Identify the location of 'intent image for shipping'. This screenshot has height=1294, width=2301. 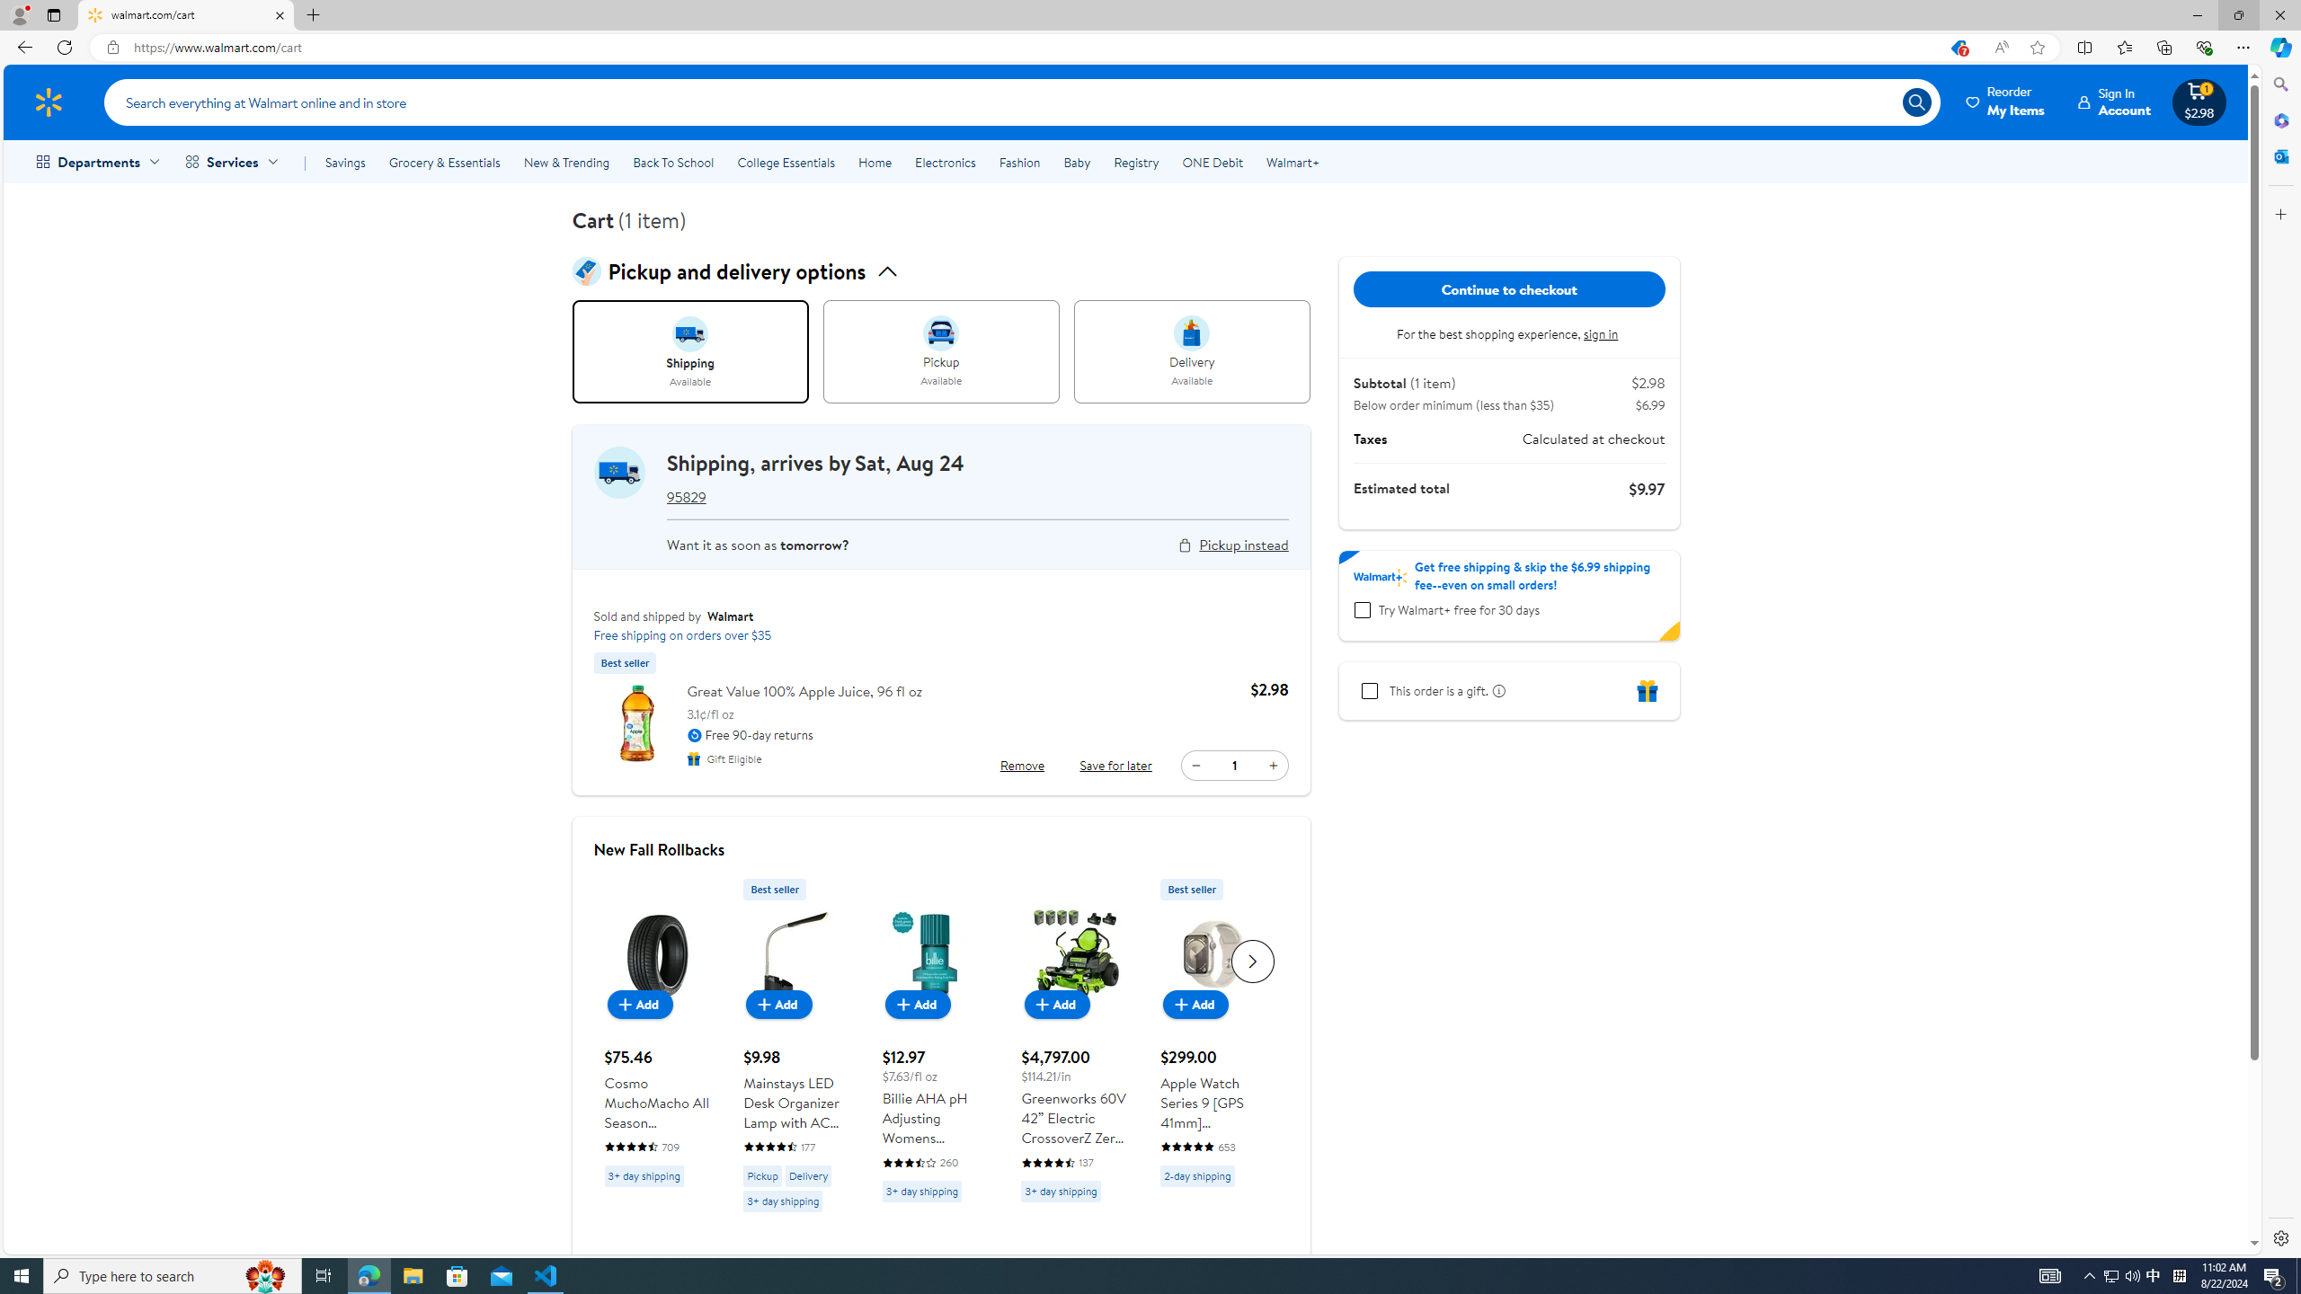
(689, 333).